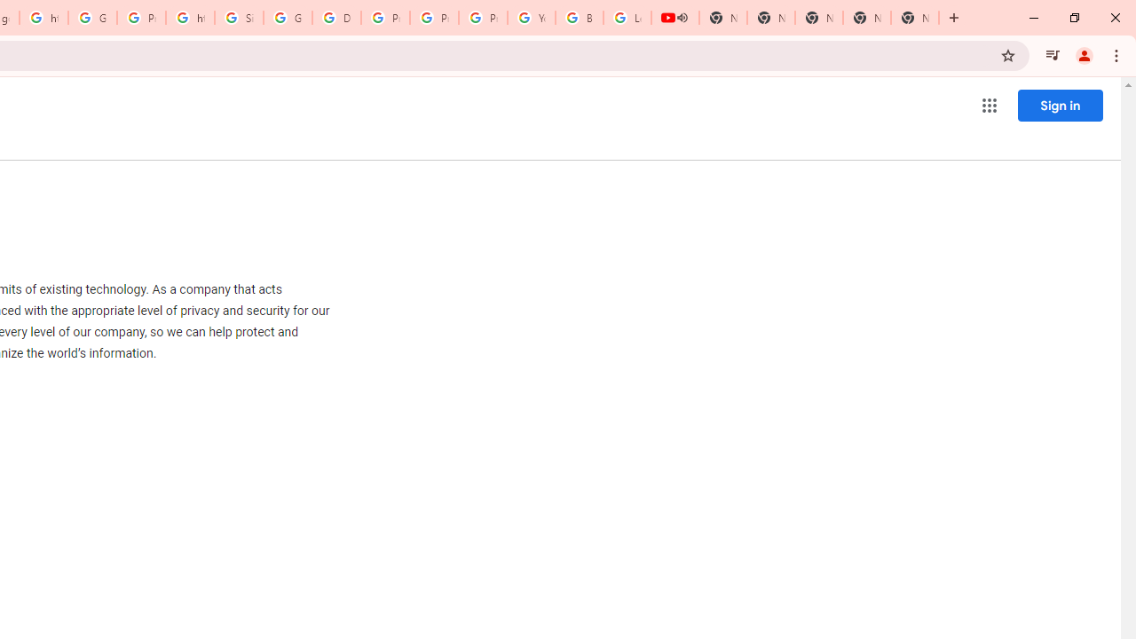  I want to click on 'https://scholar.google.com/', so click(190, 18).